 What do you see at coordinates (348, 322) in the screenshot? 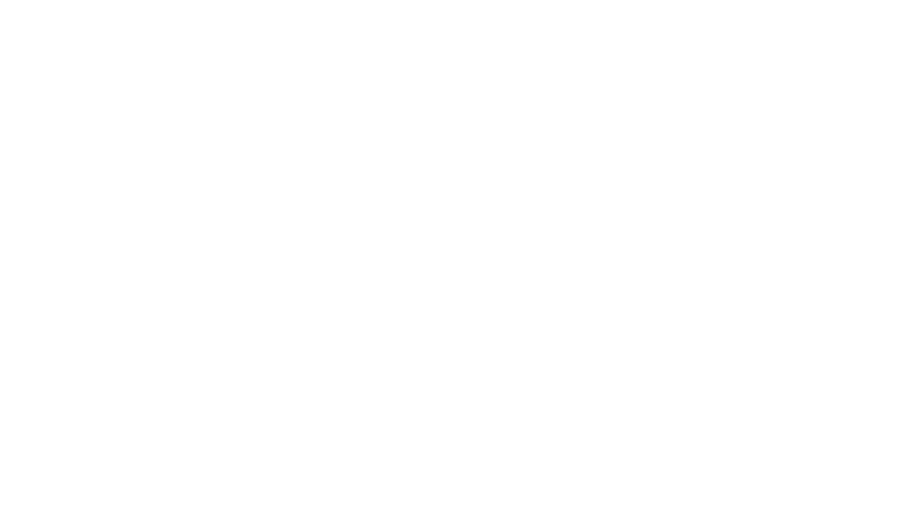
I see `'“Sometimes patients just get sent off to get an amputation saying that's the only option there is, but that's not true anymore,” Dr. Henao, a vascular surgeon at the Heart Hospital of New Mexico at Lovelace Medical Center said.'` at bounding box center [348, 322].